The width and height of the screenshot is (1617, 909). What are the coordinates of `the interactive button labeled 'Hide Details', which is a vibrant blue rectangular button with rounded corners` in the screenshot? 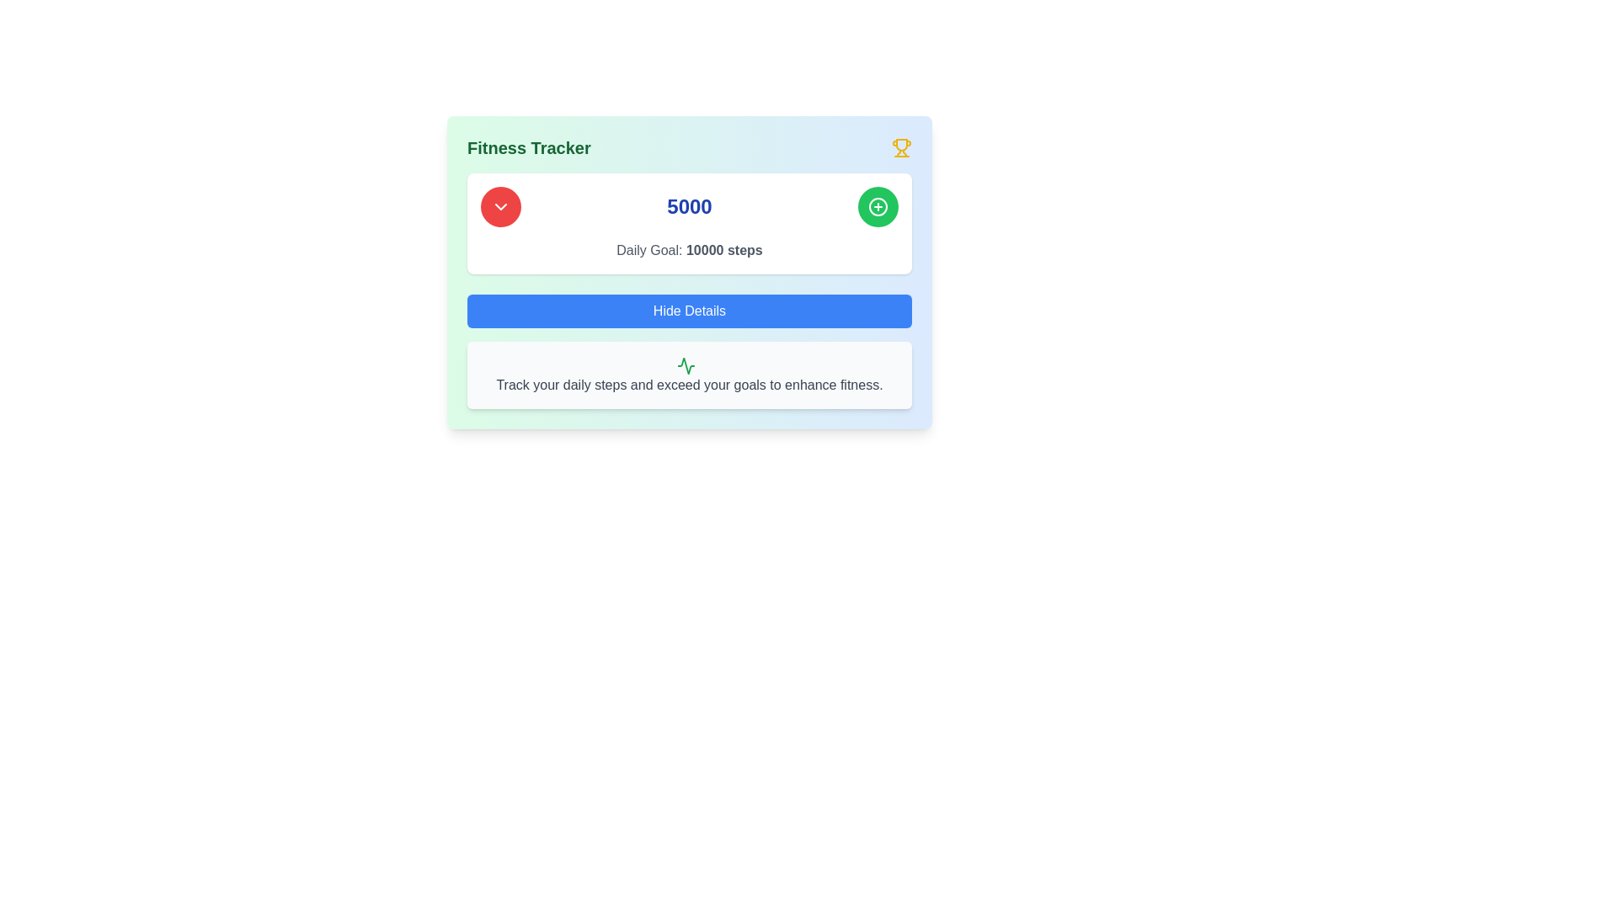 It's located at (690, 311).